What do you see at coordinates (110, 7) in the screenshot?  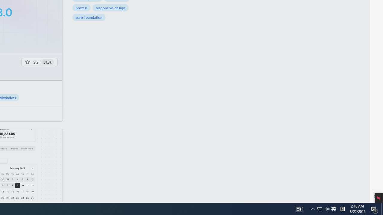 I see `'responsive-design'` at bounding box center [110, 7].